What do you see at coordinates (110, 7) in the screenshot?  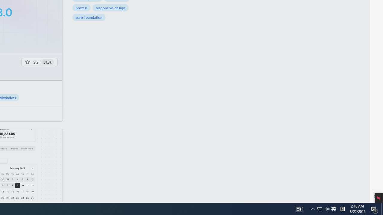 I see `'responsive-design'` at bounding box center [110, 7].